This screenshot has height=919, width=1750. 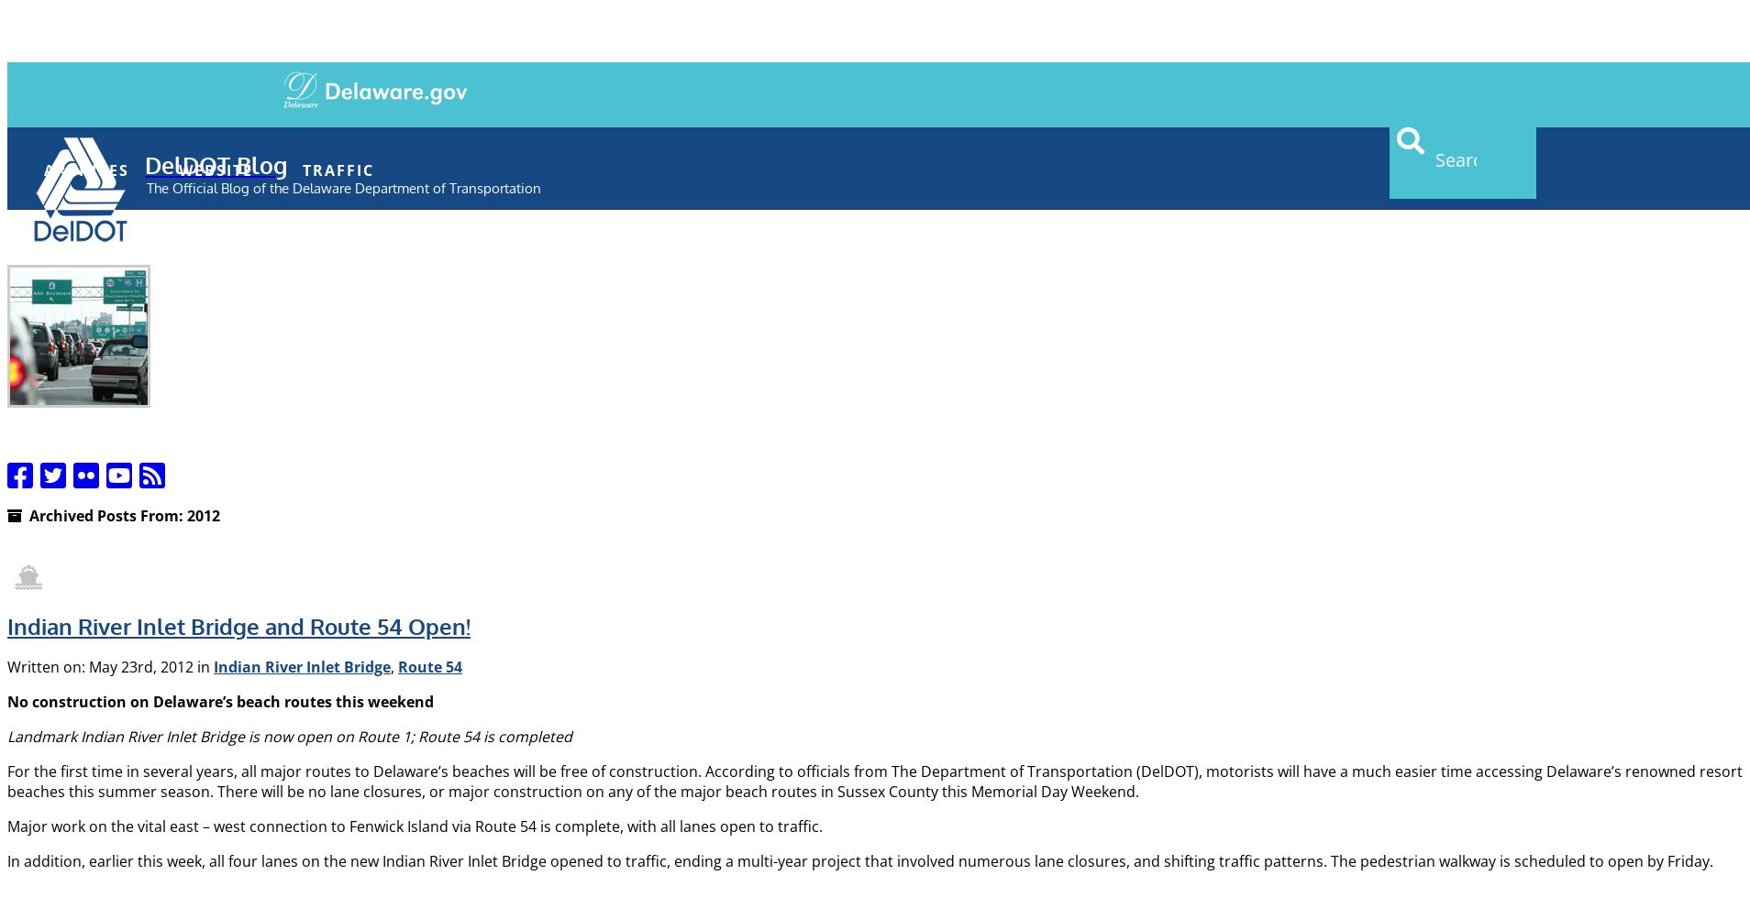 I want to click on 'No construction on Delaware’s beach routes this weekend', so click(x=220, y=700).